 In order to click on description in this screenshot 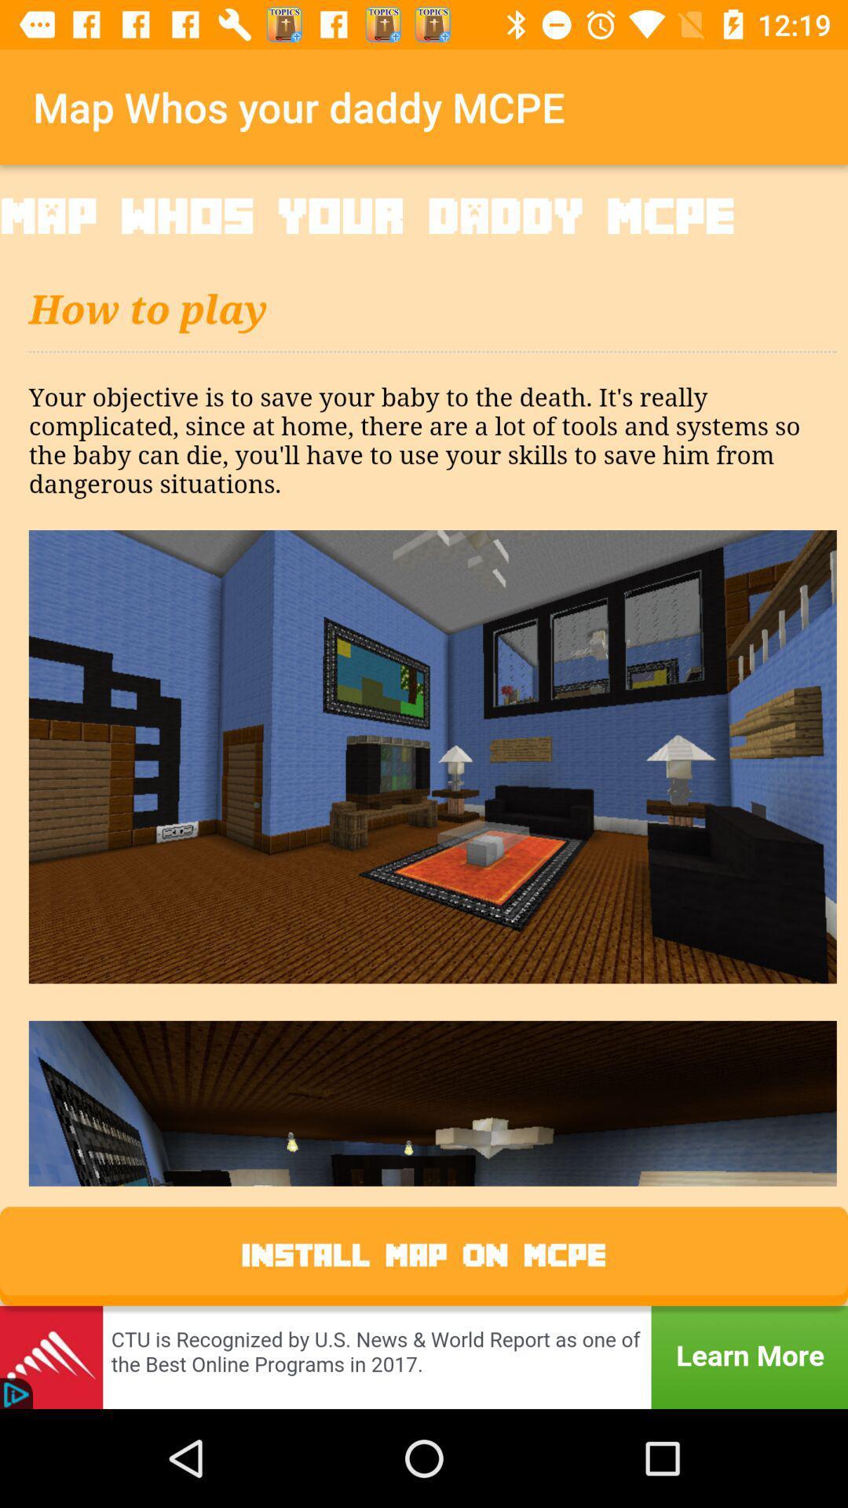, I will do `click(424, 711)`.